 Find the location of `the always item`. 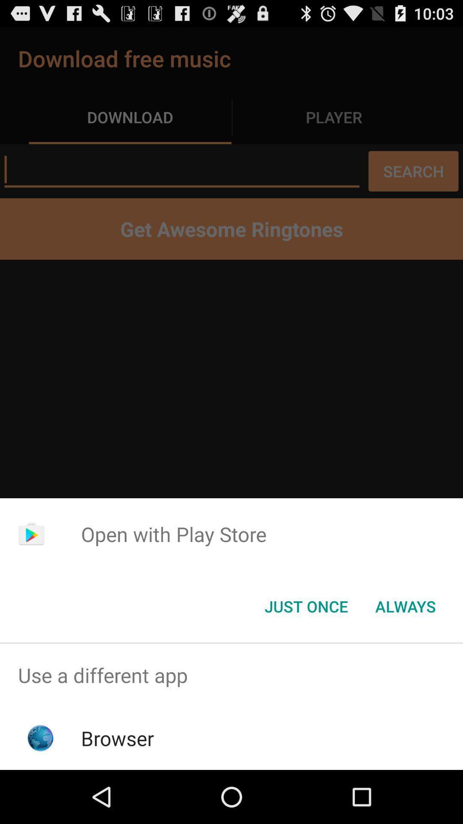

the always item is located at coordinates (405, 606).